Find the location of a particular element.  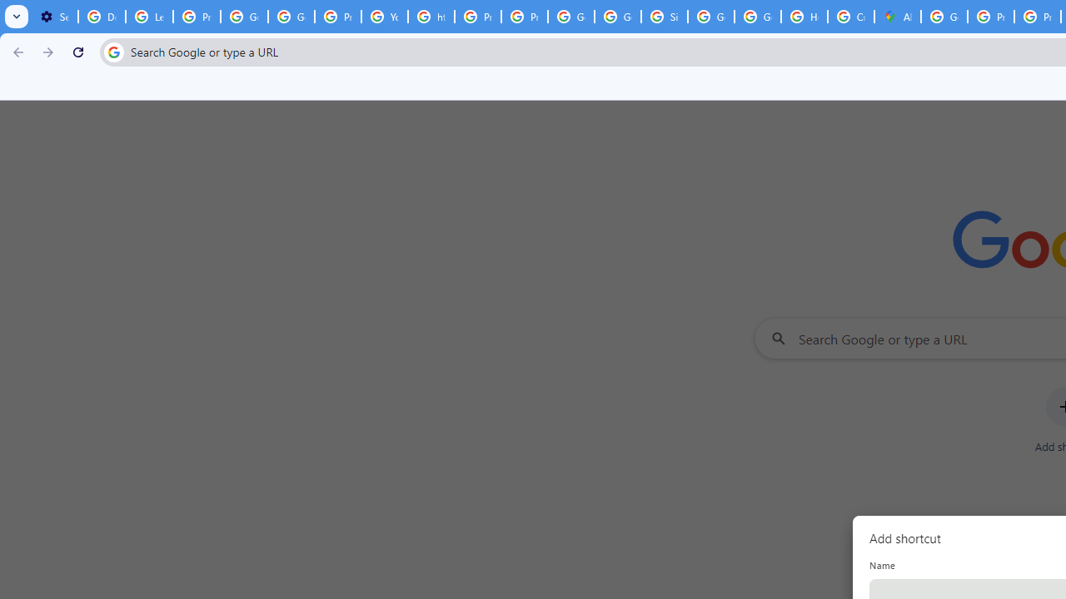

'Search tabs' is located at coordinates (17, 17).